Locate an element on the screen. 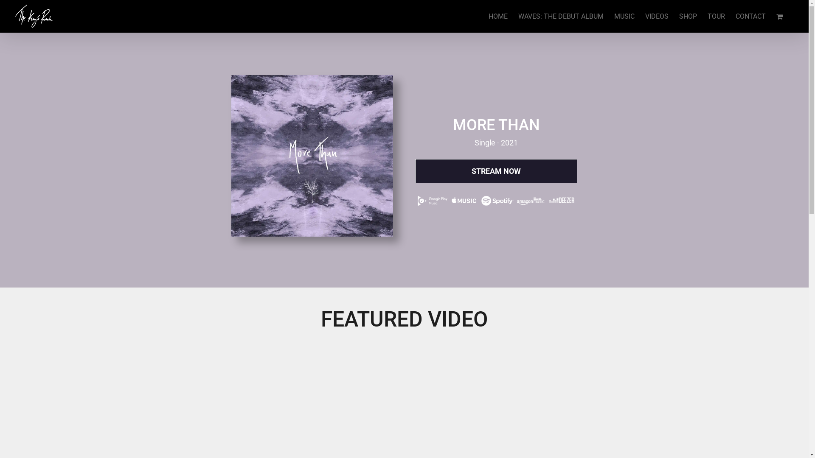  'CONTACT' is located at coordinates (750, 16).